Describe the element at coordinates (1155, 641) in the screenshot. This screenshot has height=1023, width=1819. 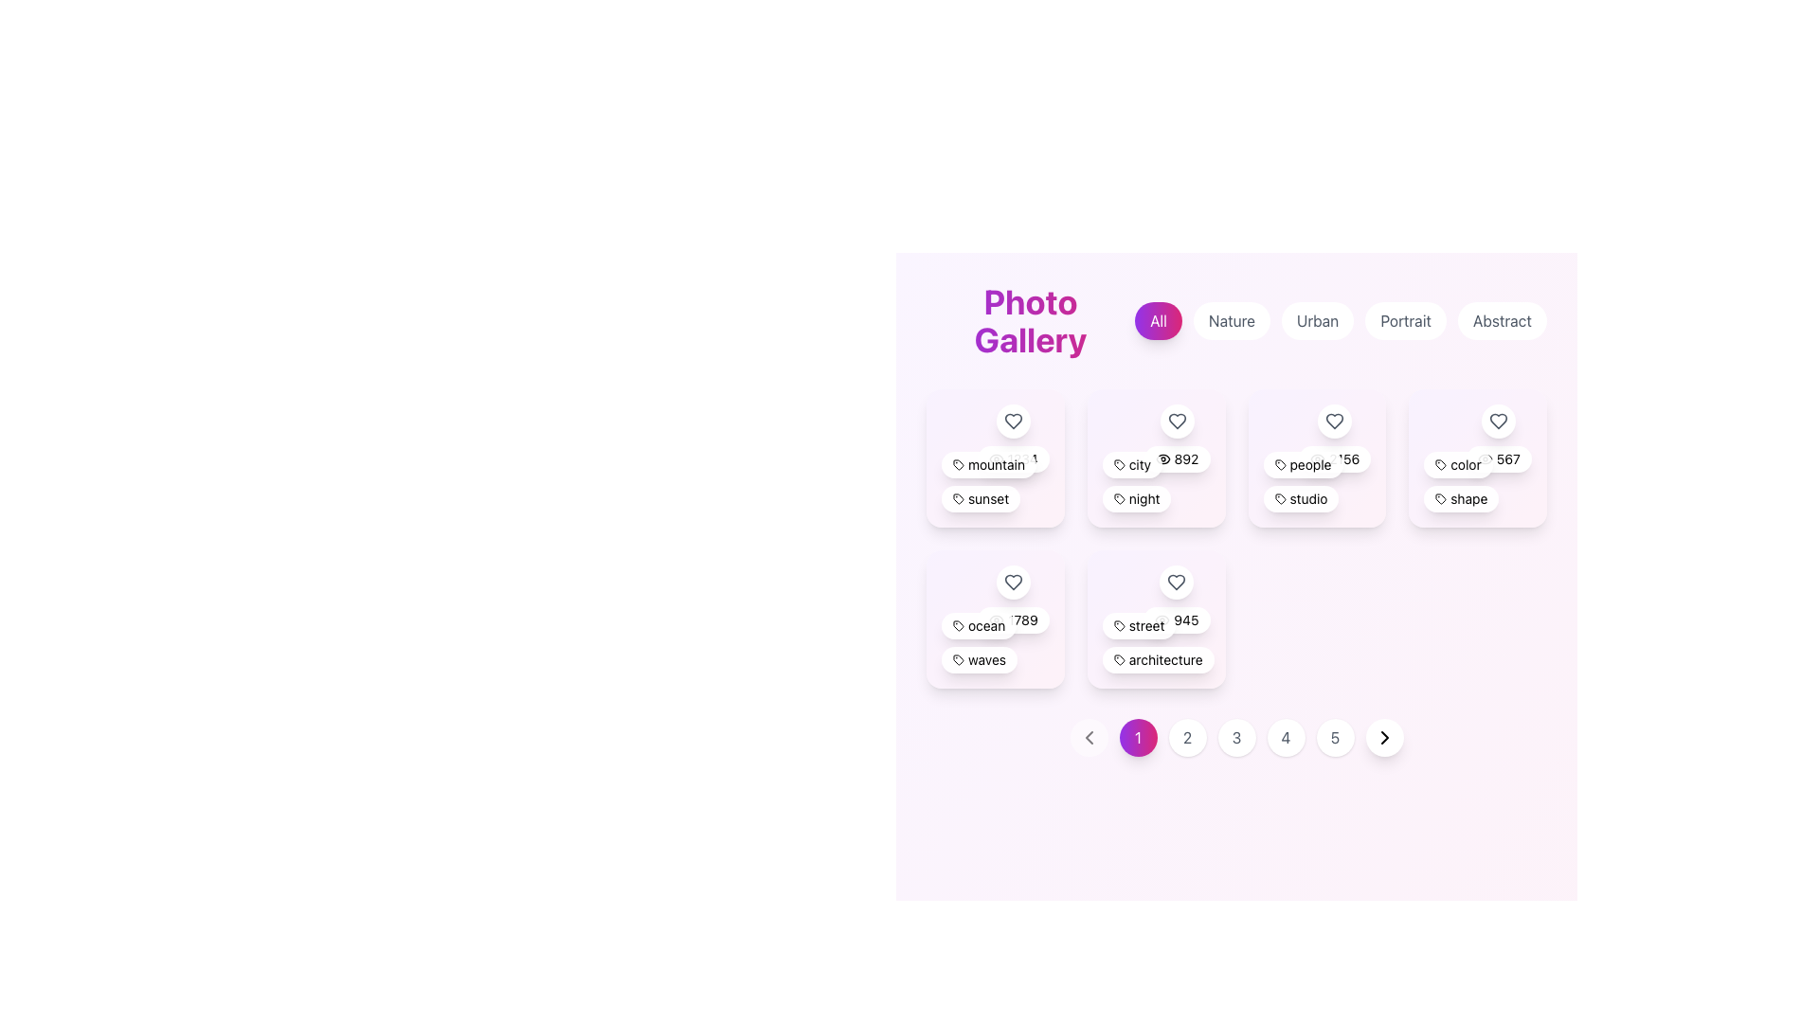
I see `the label containing multiple tags at the bottom of the card displaying 'street 945' to interact with associated actions` at that location.